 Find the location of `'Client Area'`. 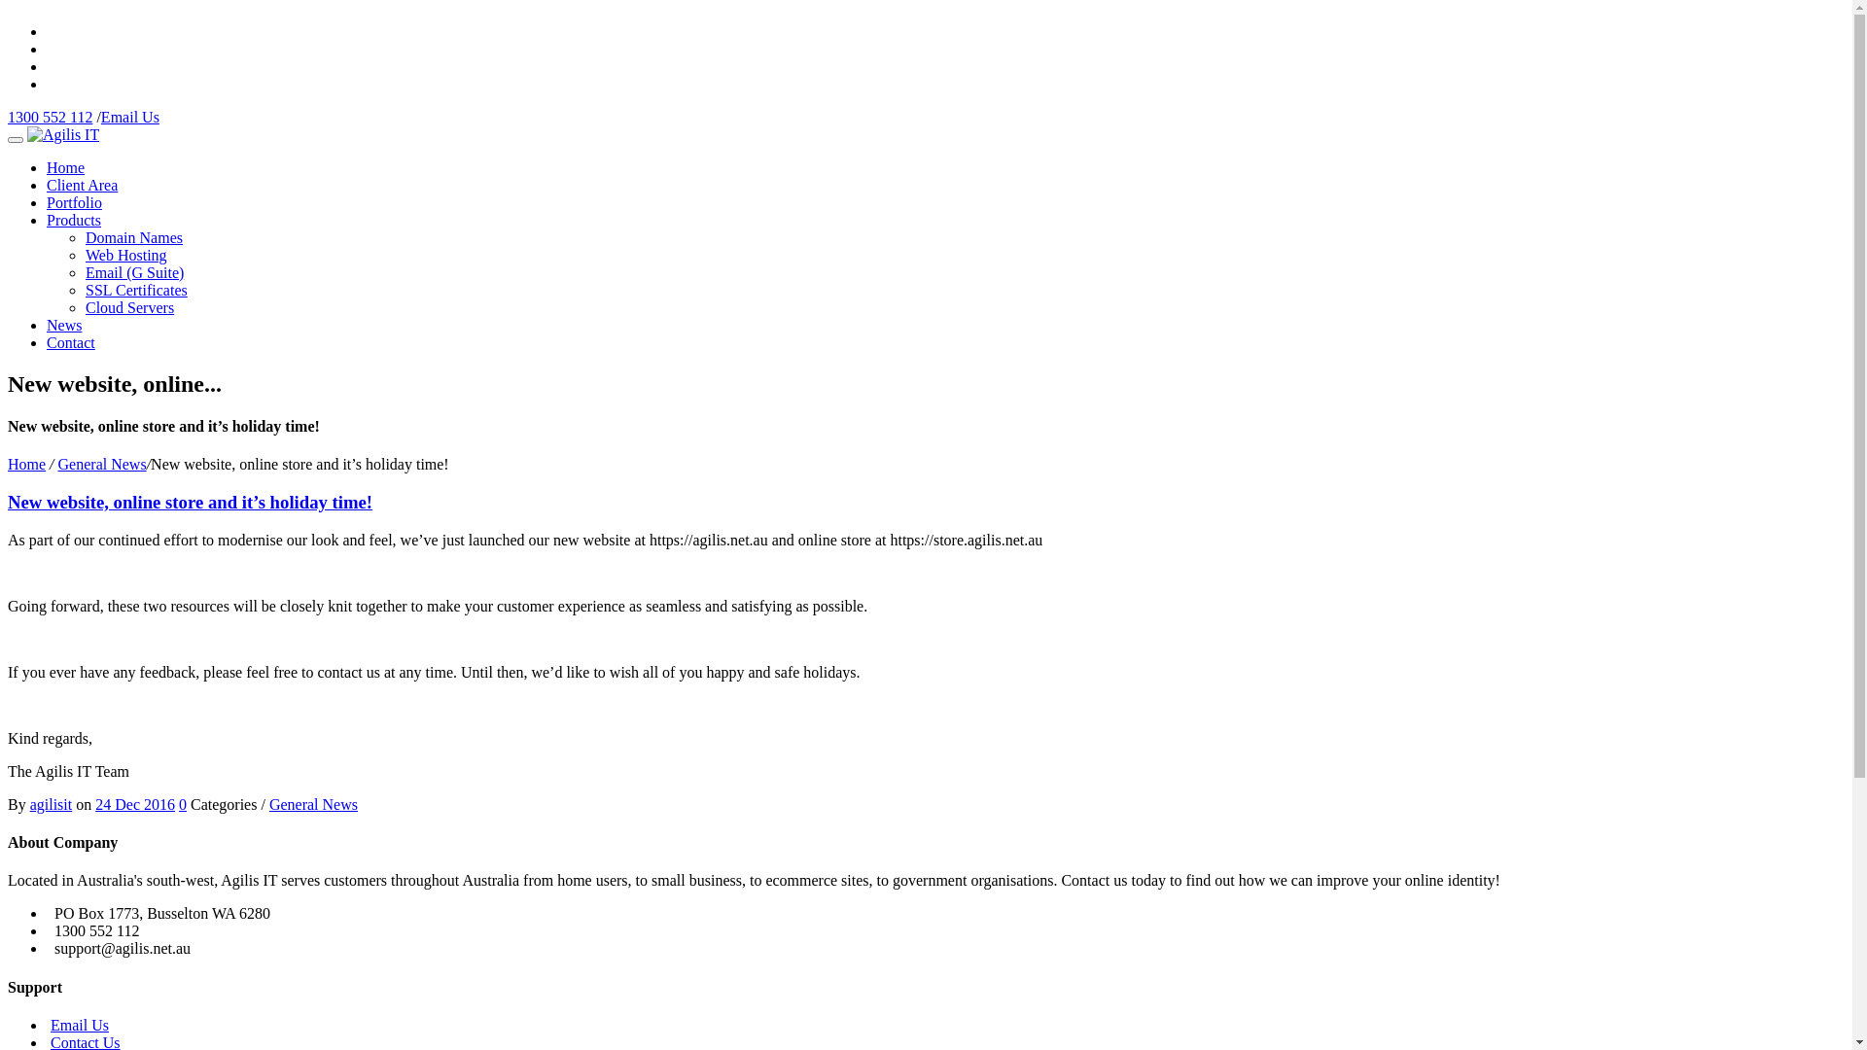

'Client Area' is located at coordinates (81, 185).